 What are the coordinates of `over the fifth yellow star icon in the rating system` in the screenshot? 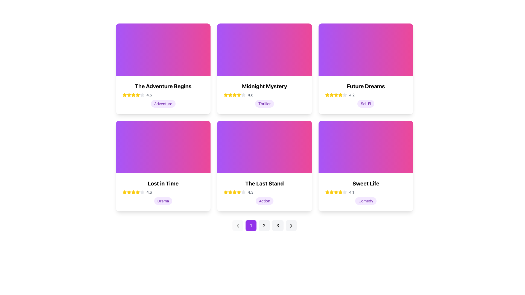 It's located at (138, 95).